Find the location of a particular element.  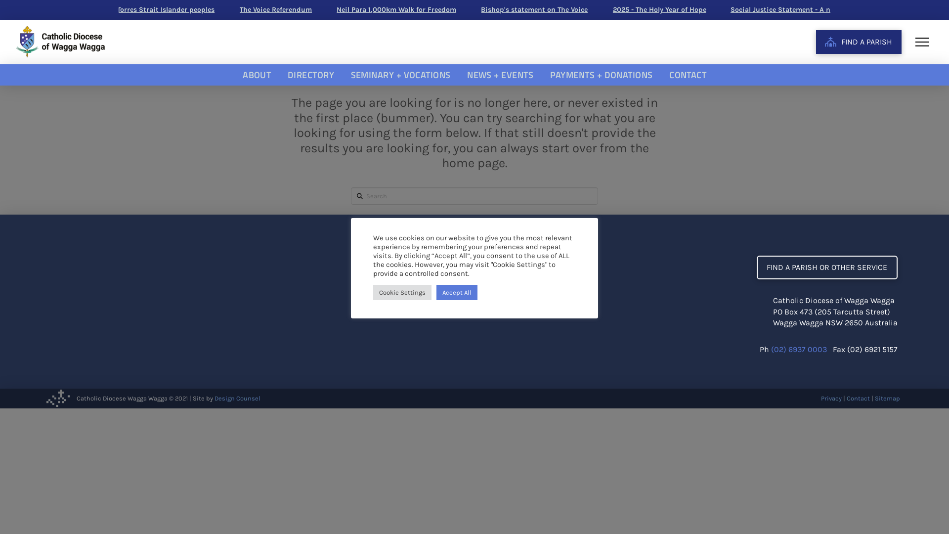

'Contact' is located at coordinates (858, 398).